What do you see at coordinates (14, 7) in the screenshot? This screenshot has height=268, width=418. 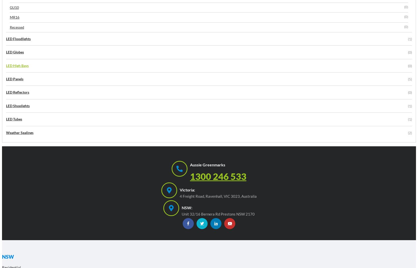 I see `'GU10'` at bounding box center [14, 7].